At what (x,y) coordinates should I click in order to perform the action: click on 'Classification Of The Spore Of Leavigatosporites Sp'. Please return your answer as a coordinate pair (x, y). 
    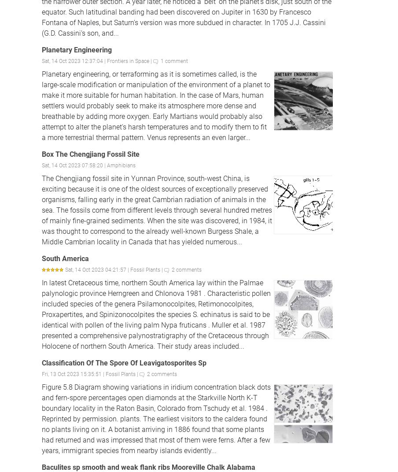
    Looking at the image, I should click on (123, 362).